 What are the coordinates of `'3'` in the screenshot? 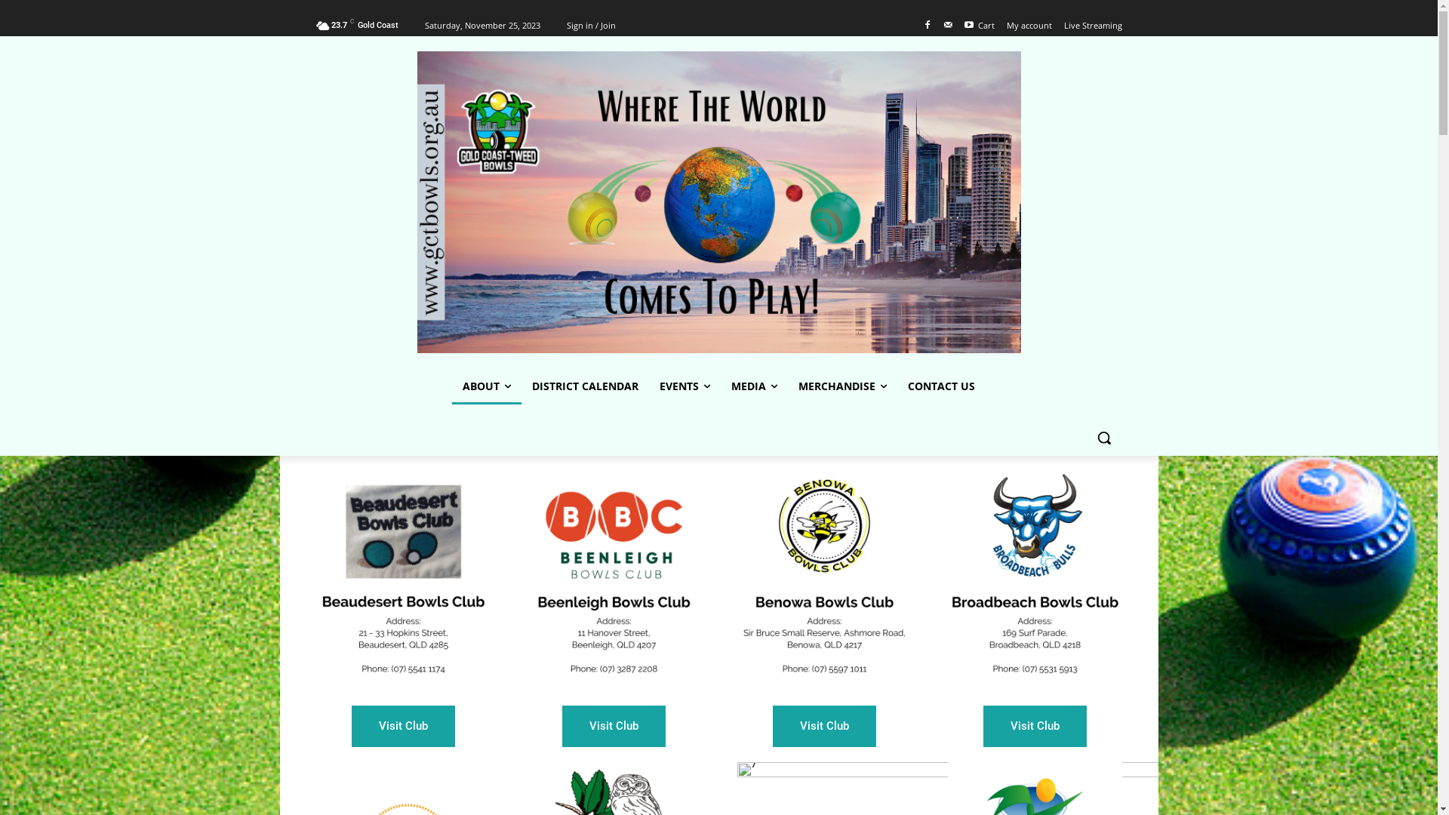 It's located at (823, 577).